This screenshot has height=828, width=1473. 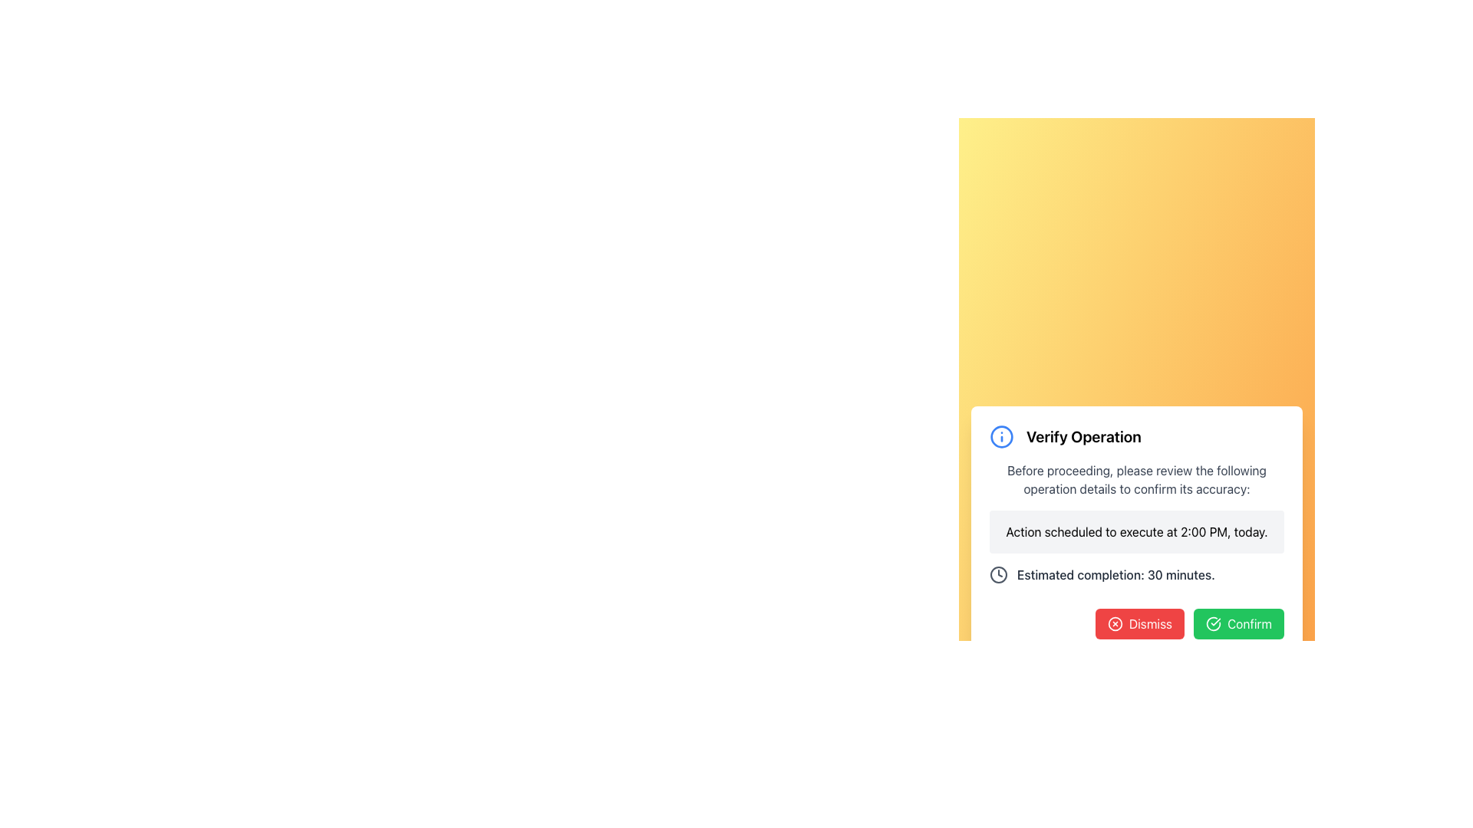 I want to click on the static informational label with a blue information icon and bolded text saying 'Verify Operation', located at the top of a modal-like rectangular card, so click(x=1137, y=437).